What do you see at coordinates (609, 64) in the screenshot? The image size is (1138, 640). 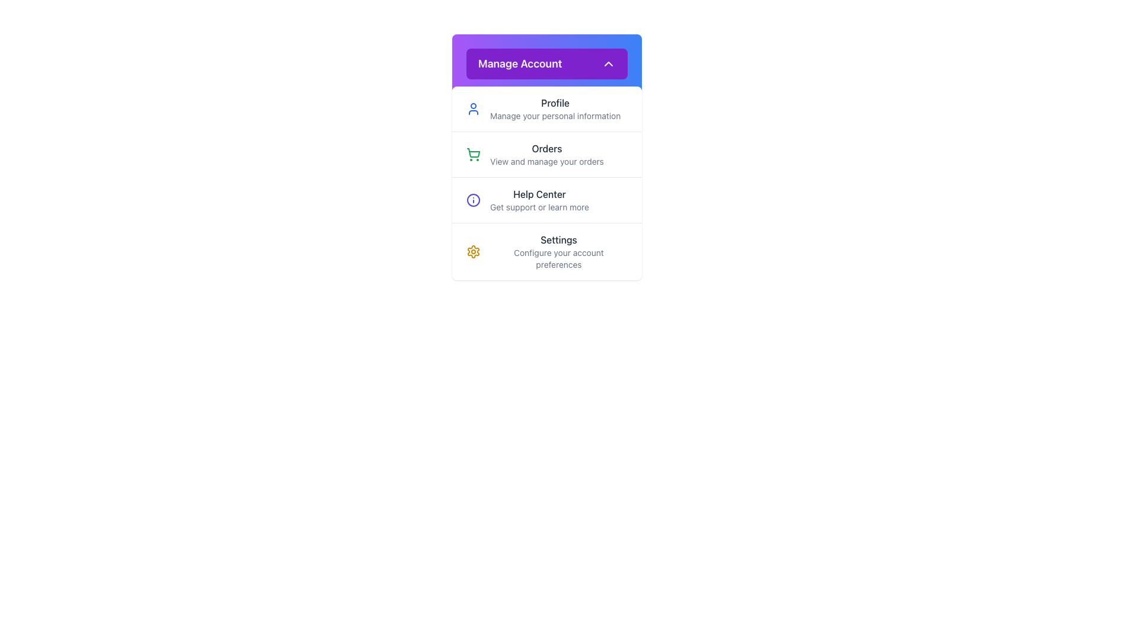 I see `the chevron icon (upward-pointing arrow) in the top-right corner of the 'Manage Account' section` at bounding box center [609, 64].